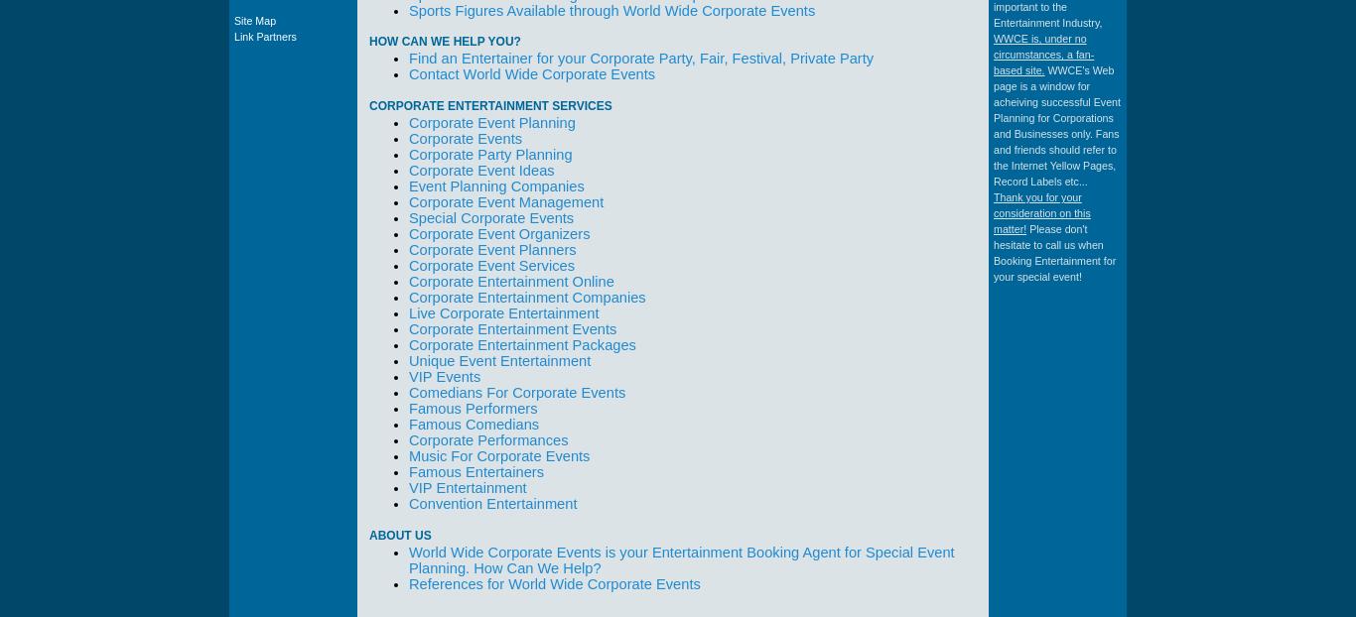 The image size is (1356, 617). Describe the element at coordinates (398, 534) in the screenshot. I see `'About Us'` at that location.